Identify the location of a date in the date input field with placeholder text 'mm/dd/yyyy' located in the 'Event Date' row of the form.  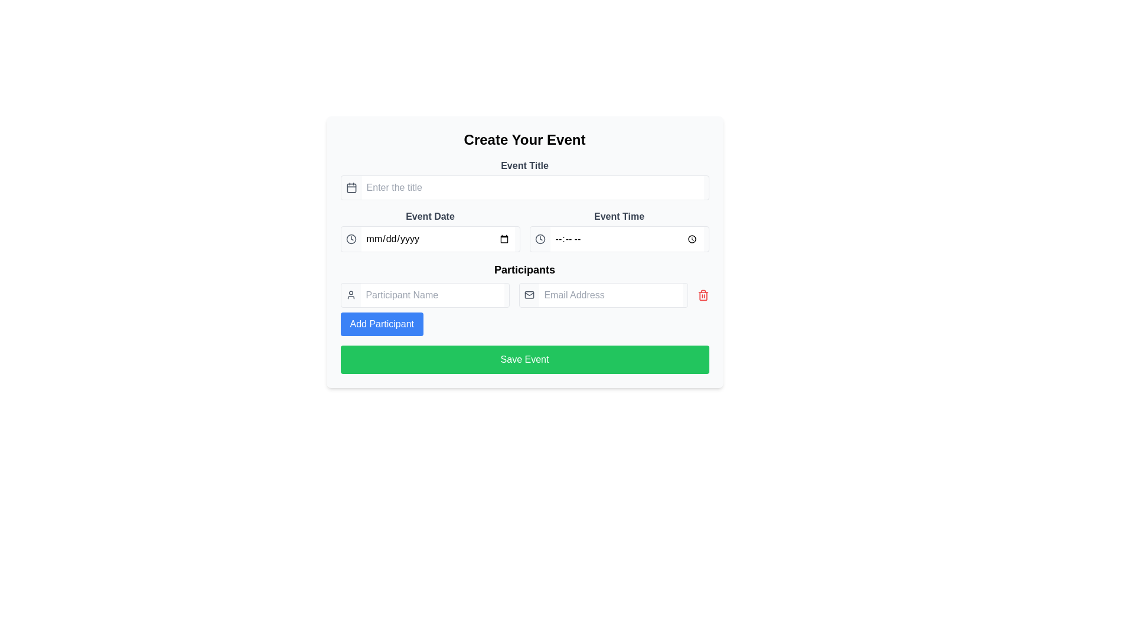
(437, 239).